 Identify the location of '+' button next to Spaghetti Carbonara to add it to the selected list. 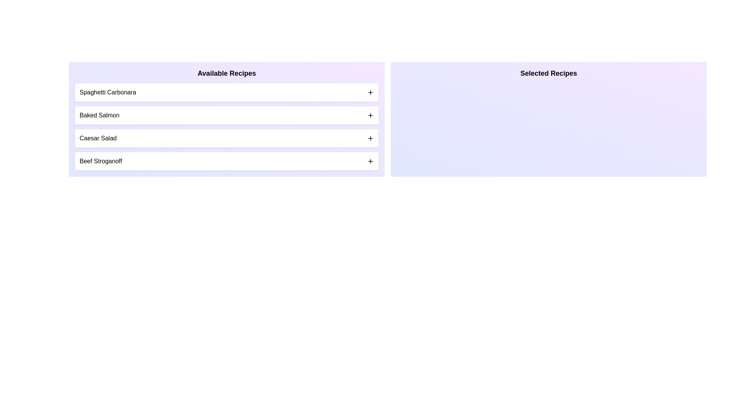
(371, 92).